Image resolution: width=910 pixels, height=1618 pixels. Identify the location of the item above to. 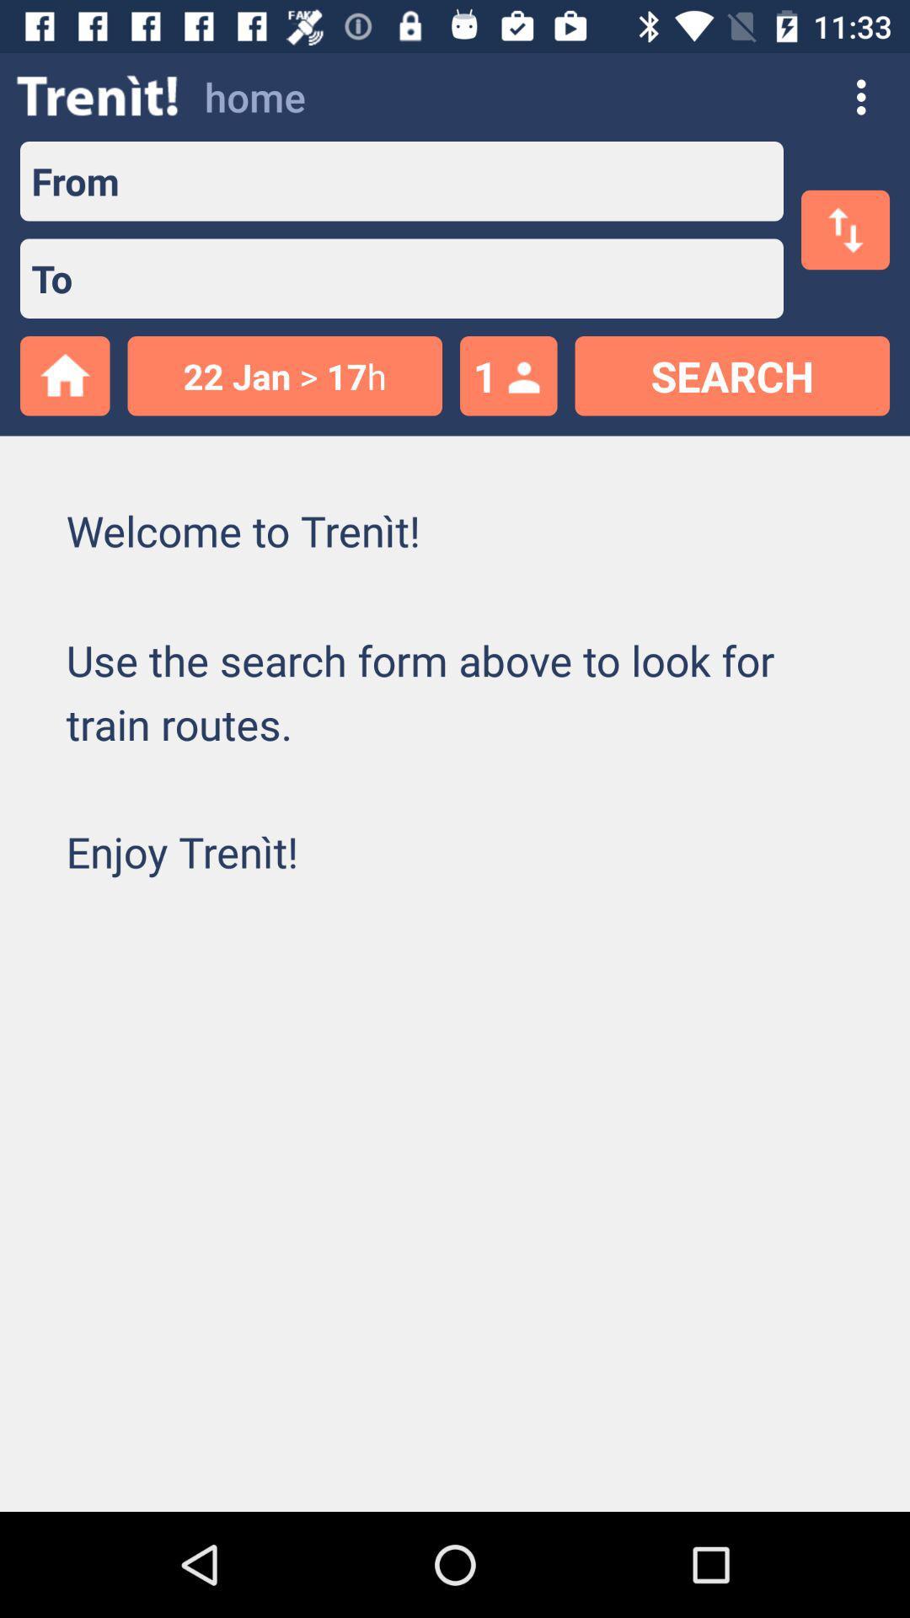
(68, 181).